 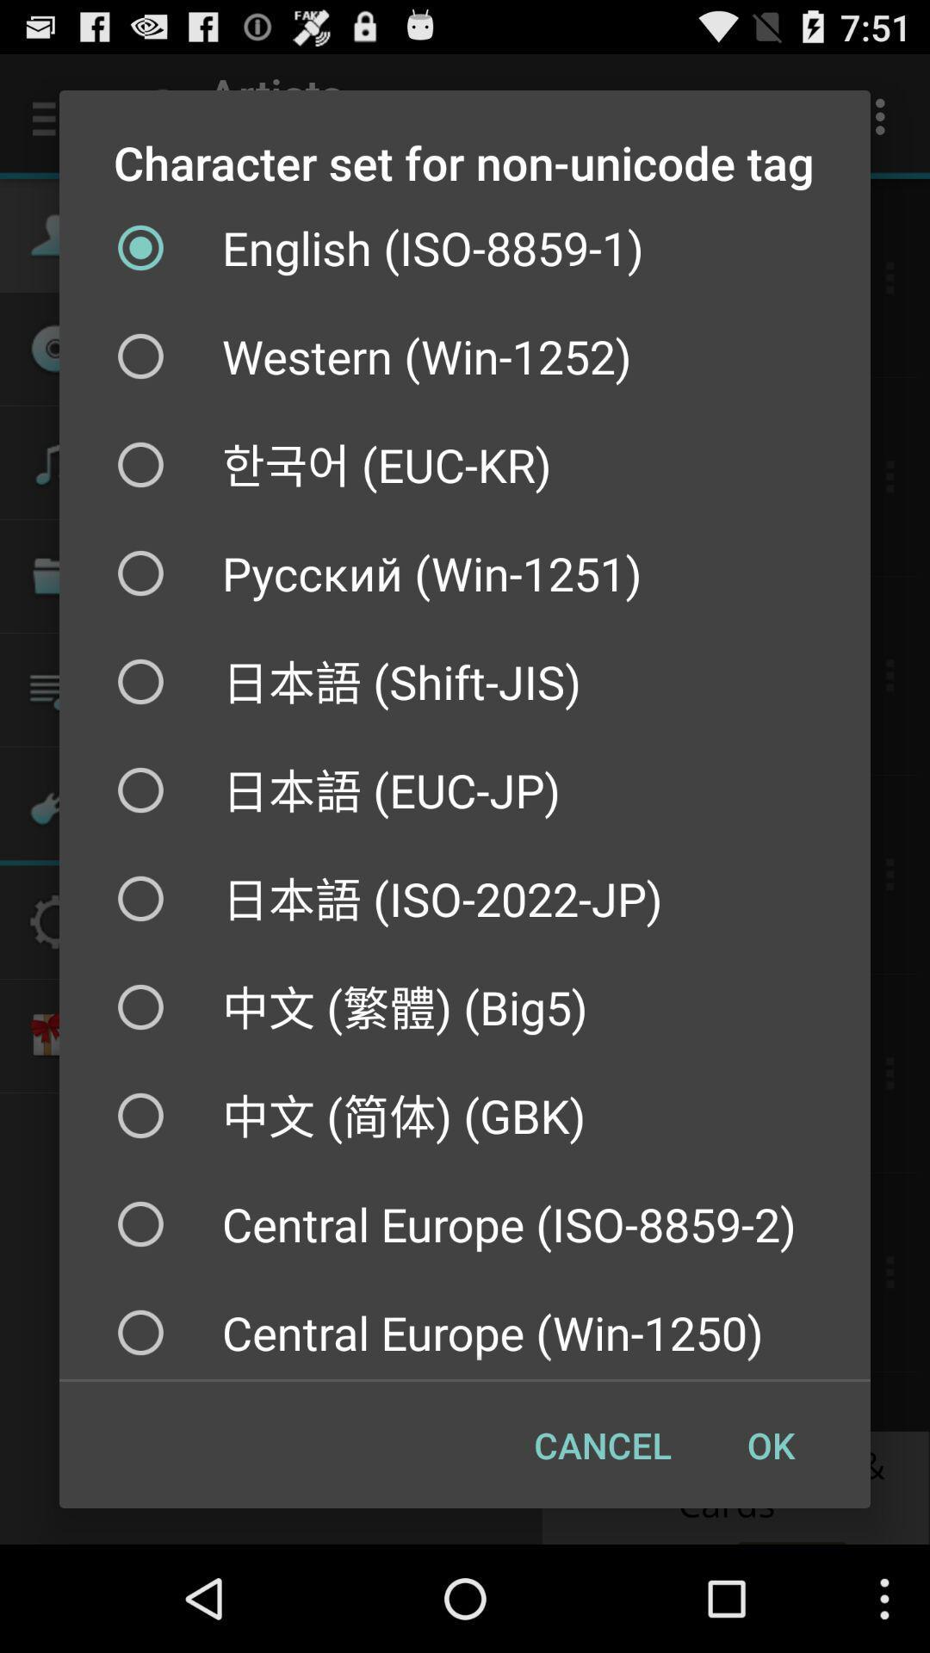 I want to click on checkbox below central europe win icon, so click(x=602, y=1445).